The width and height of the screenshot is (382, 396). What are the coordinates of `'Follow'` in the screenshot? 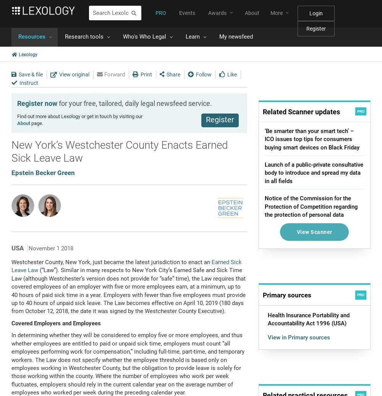 It's located at (204, 74).